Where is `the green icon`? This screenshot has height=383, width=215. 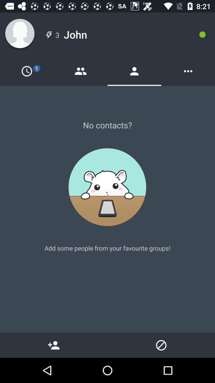 the green icon is located at coordinates (202, 34).